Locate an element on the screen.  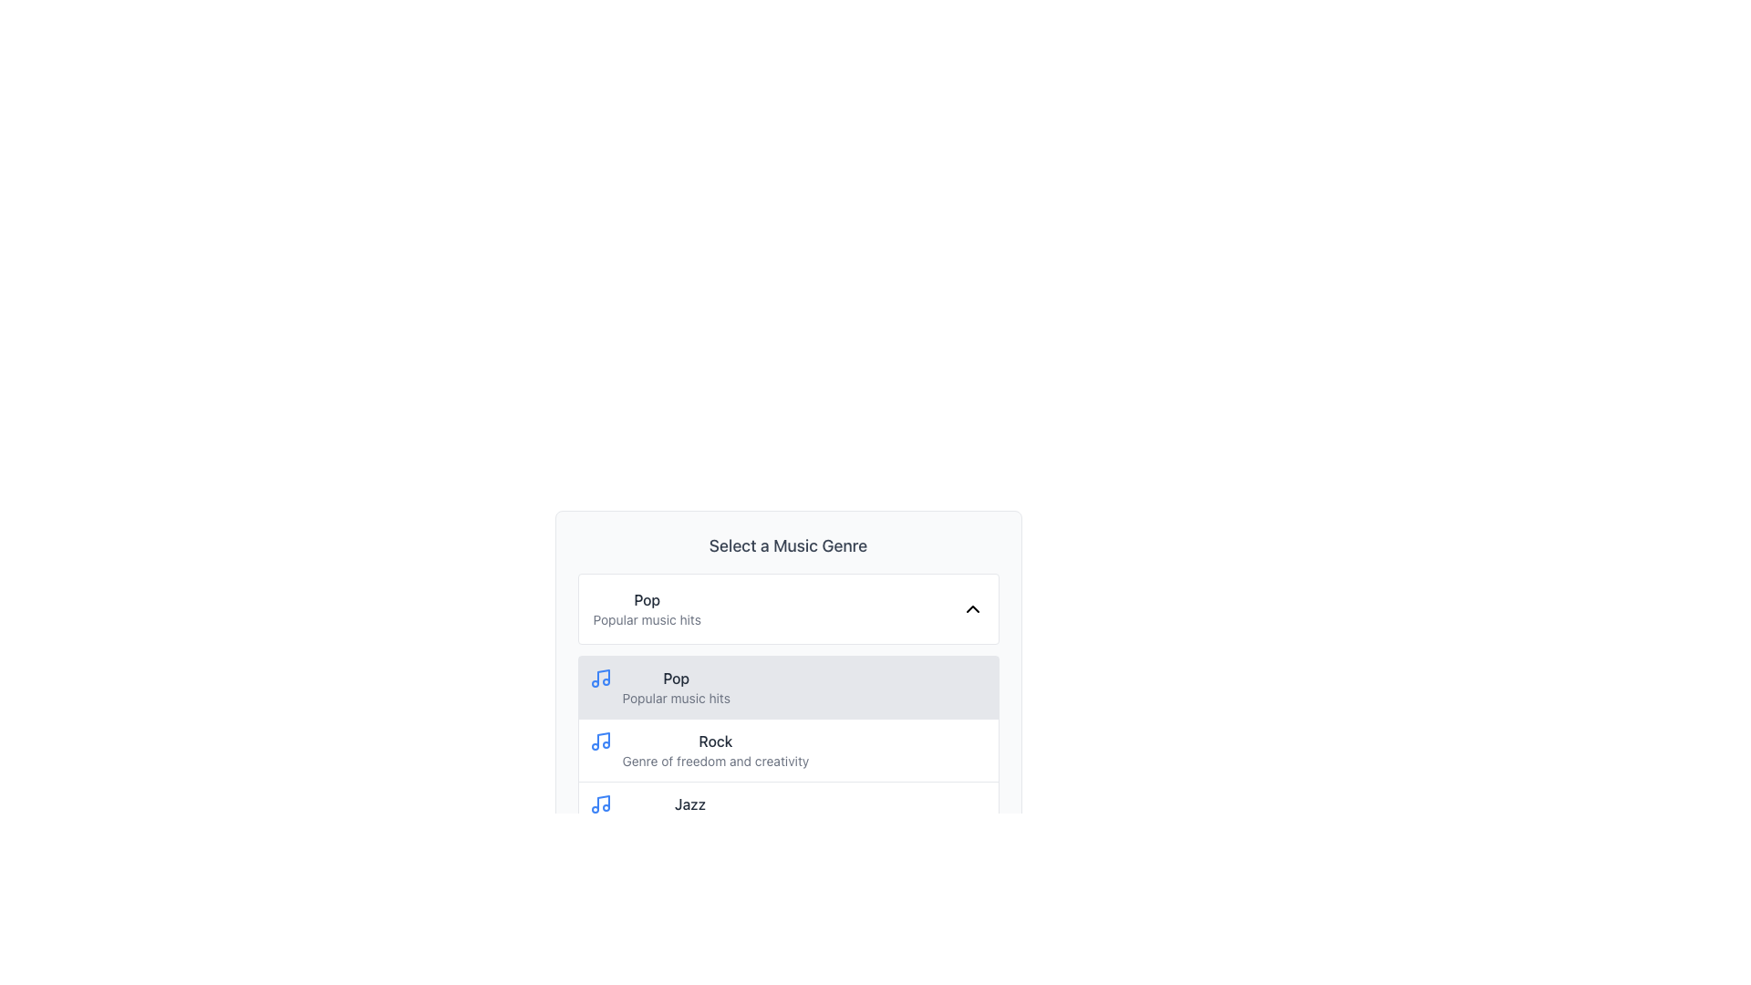
text label that serves as the title for the selectable music genre item, which is 'Pop.' This label is part of a list item under the heading 'Select a Music Genre.' is located at coordinates (675, 679).